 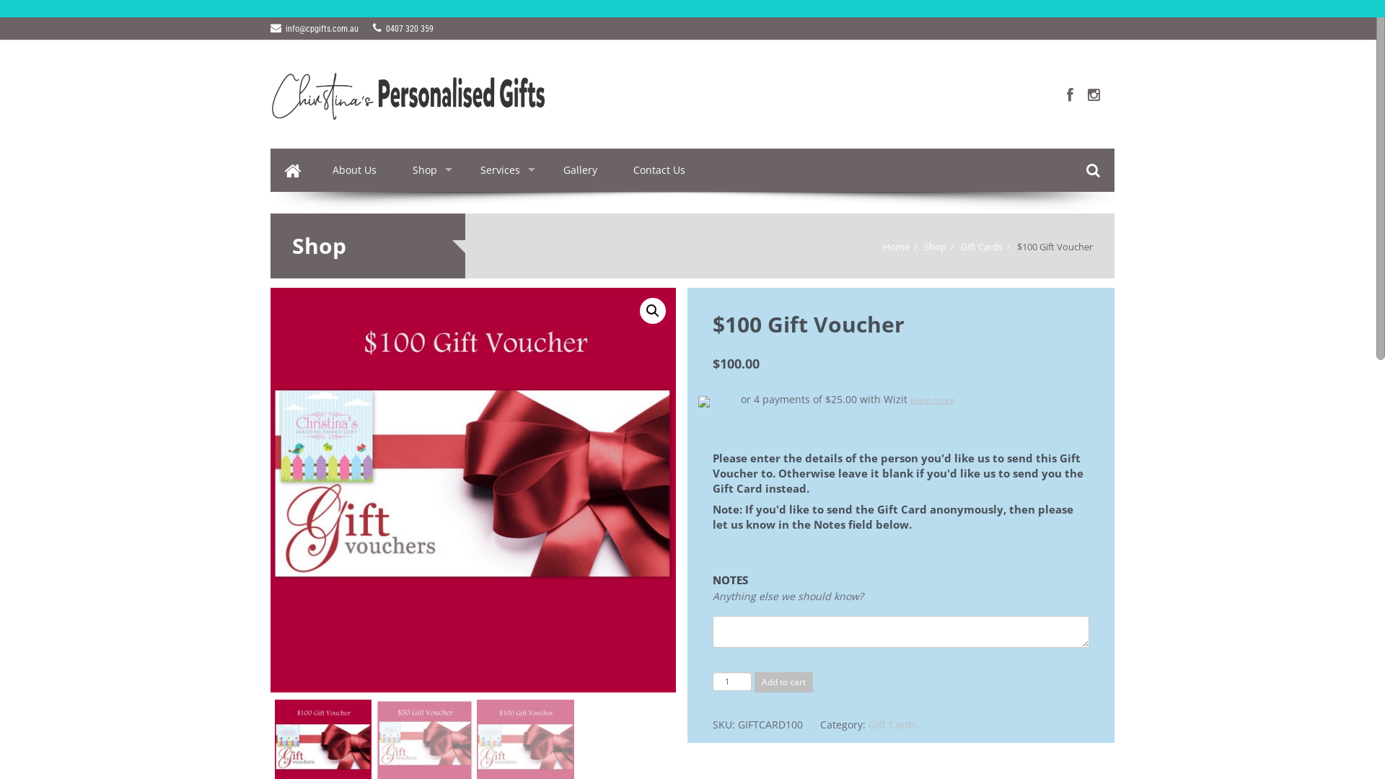 I want to click on 'Services', so click(x=462, y=169).